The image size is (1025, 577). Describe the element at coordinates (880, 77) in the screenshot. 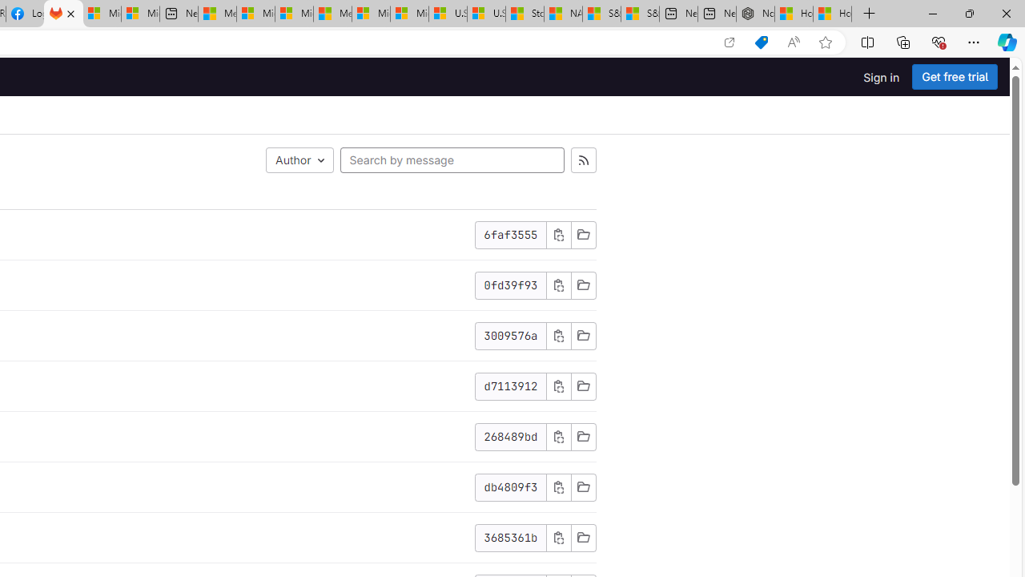

I see `'Sign in'` at that location.